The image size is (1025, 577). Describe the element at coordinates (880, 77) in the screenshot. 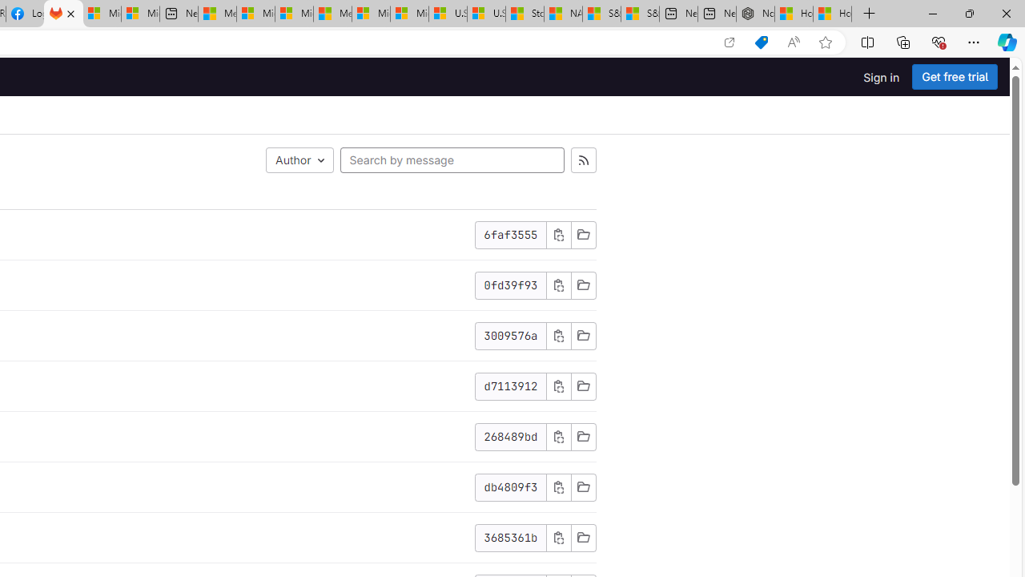

I see `'Sign in'` at that location.